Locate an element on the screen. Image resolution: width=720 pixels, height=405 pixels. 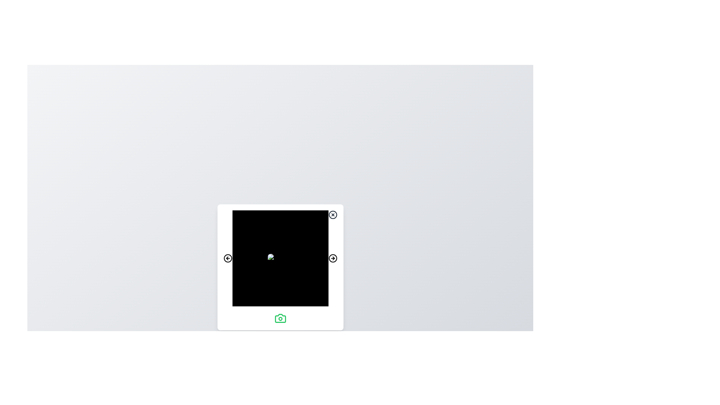
the camera icon located at the bottom-center of the interface is located at coordinates (280, 318).